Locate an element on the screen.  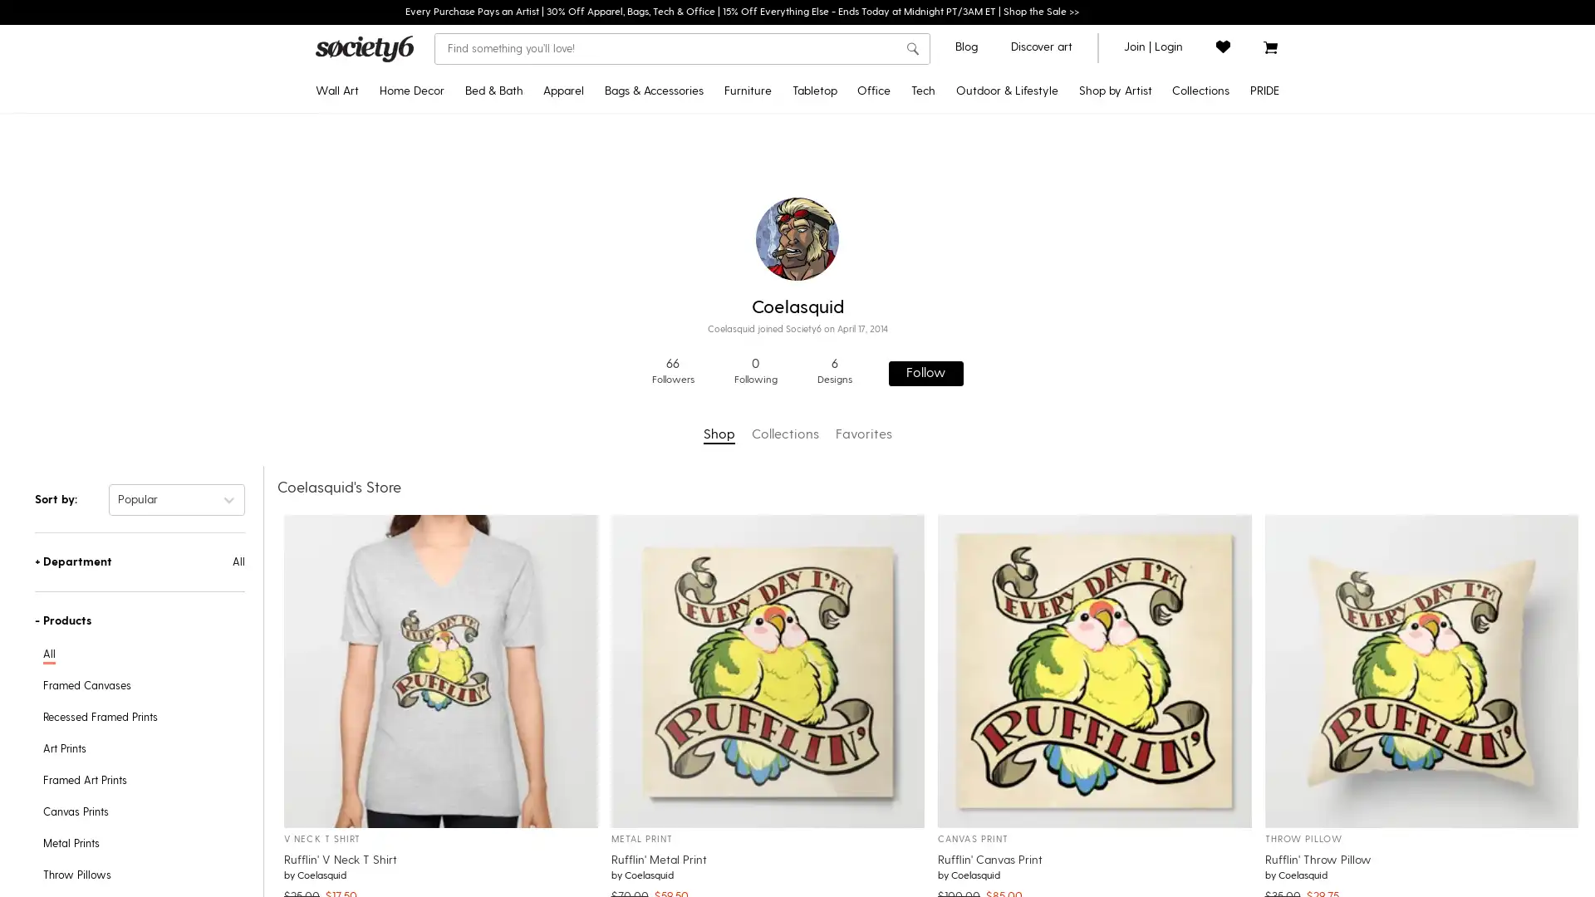
Duvet Covers is located at coordinates (529, 159).